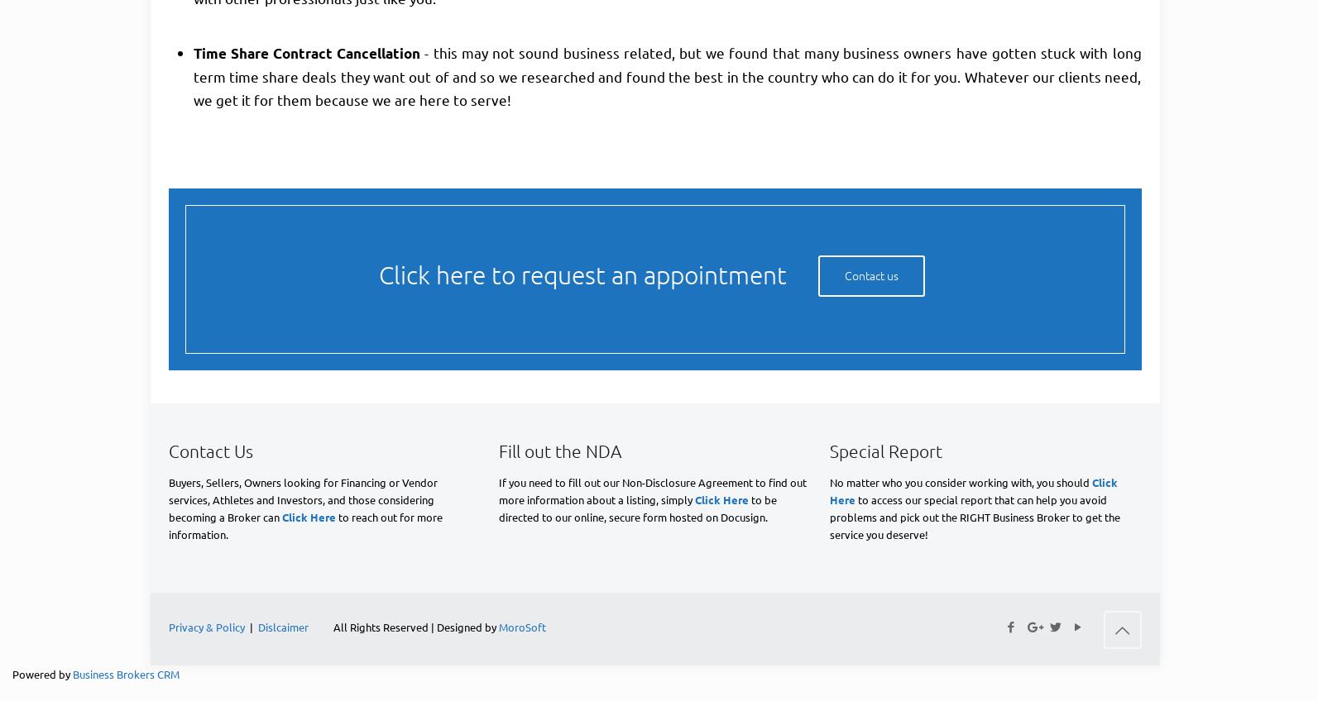 Image resolution: width=1318 pixels, height=701 pixels. What do you see at coordinates (249, 625) in the screenshot?
I see `'|'` at bounding box center [249, 625].